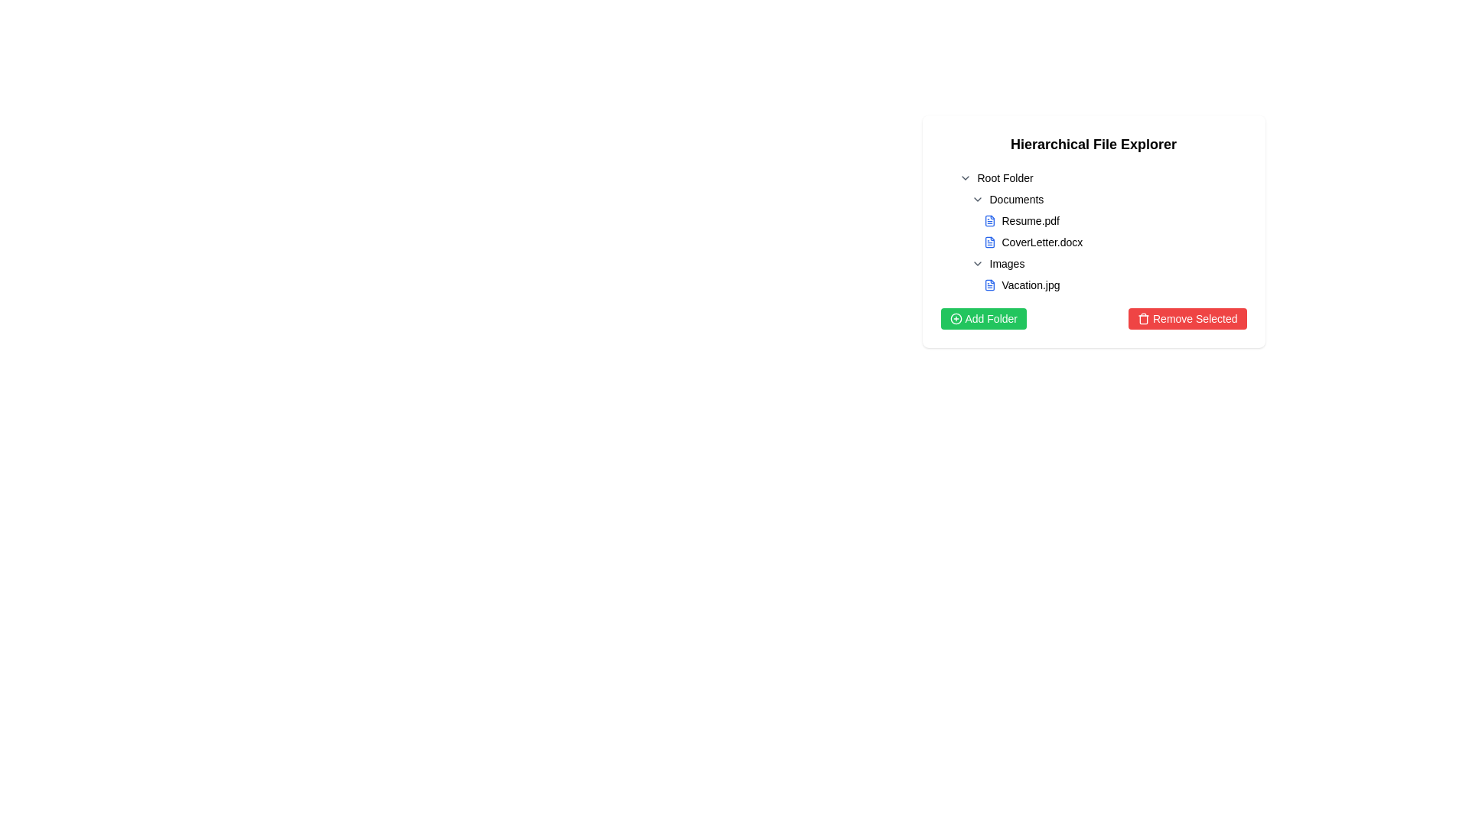 The width and height of the screenshot is (1469, 826). I want to click on the circular icon with a green outline and a plus sign, located to the left of the 'Add Folder' button in the bottom-left section of the file explorer interface, so click(955, 317).